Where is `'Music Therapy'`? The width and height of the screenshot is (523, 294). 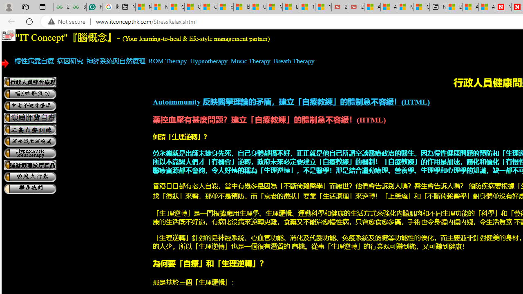
'Music Therapy' is located at coordinates (250, 60).